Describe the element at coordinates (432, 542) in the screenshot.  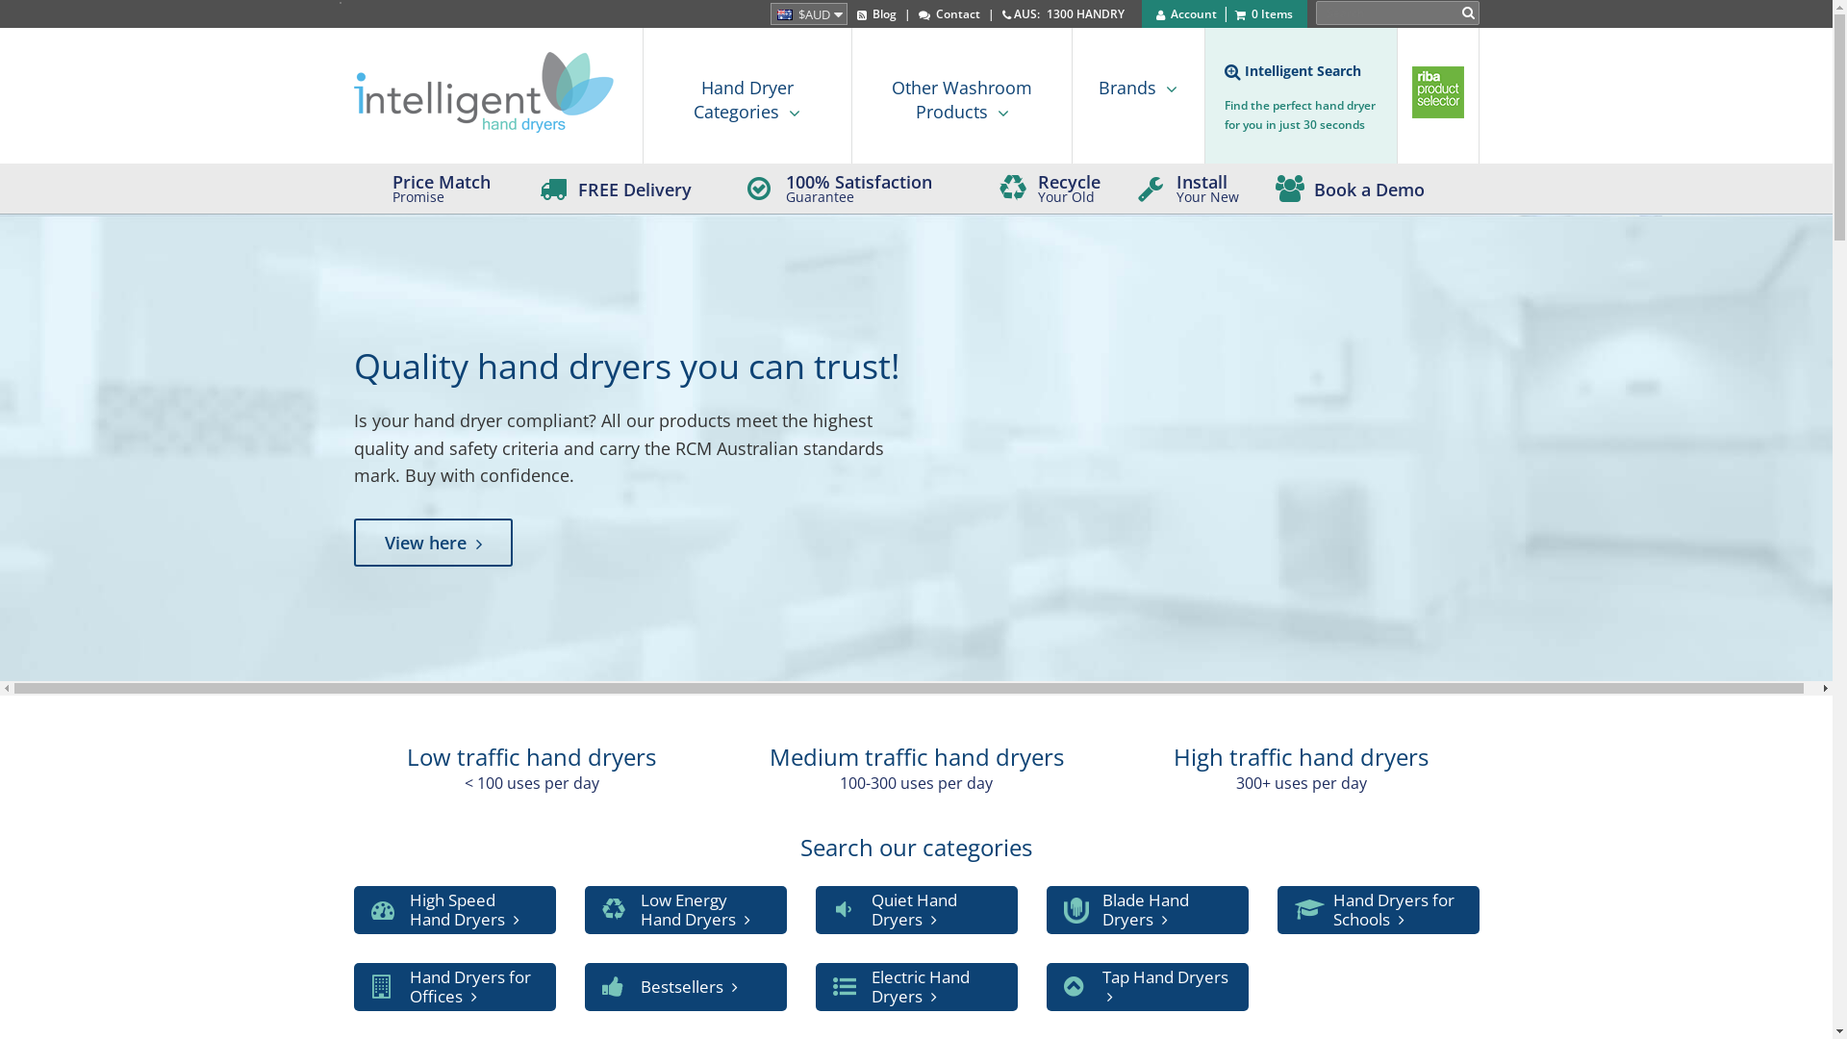
I see `'View here'` at that location.